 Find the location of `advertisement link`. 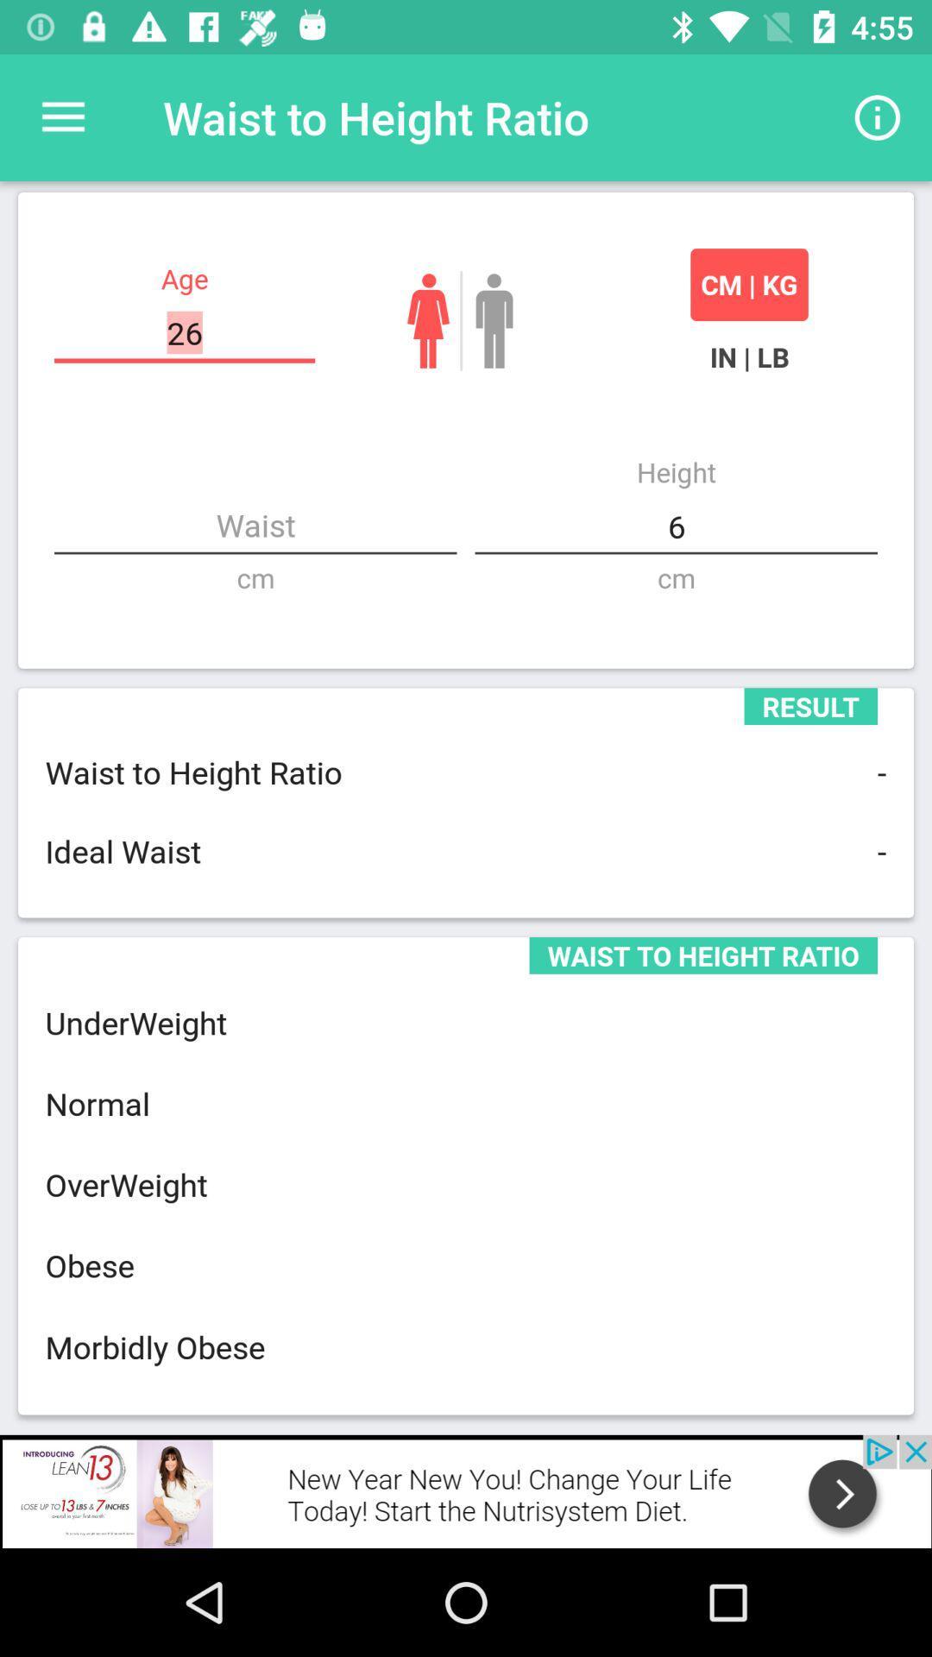

advertisement link is located at coordinates (466, 1490).